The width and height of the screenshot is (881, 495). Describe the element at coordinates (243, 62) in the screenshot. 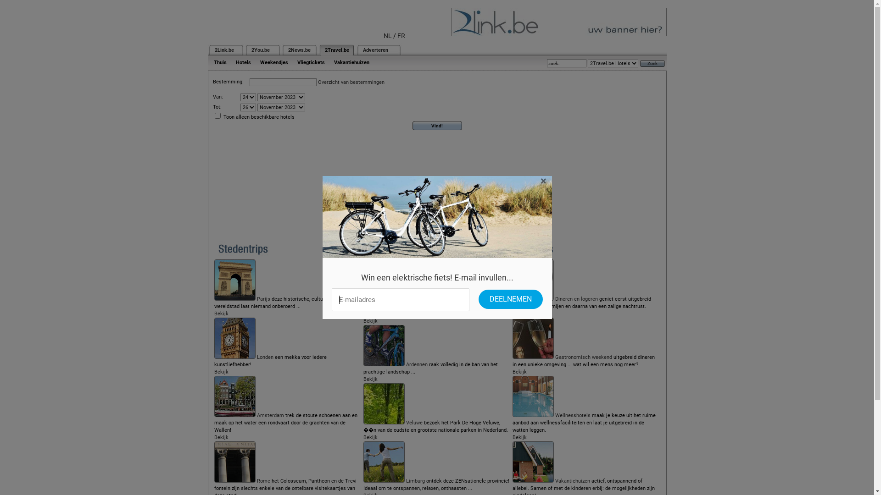

I see `'Hotels'` at that location.